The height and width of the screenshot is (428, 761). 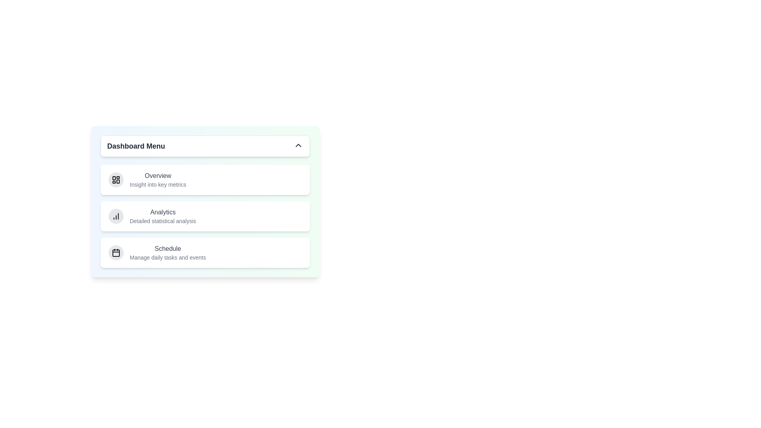 What do you see at coordinates (205, 216) in the screenshot?
I see `the 'Analytics' menu item to select it` at bounding box center [205, 216].